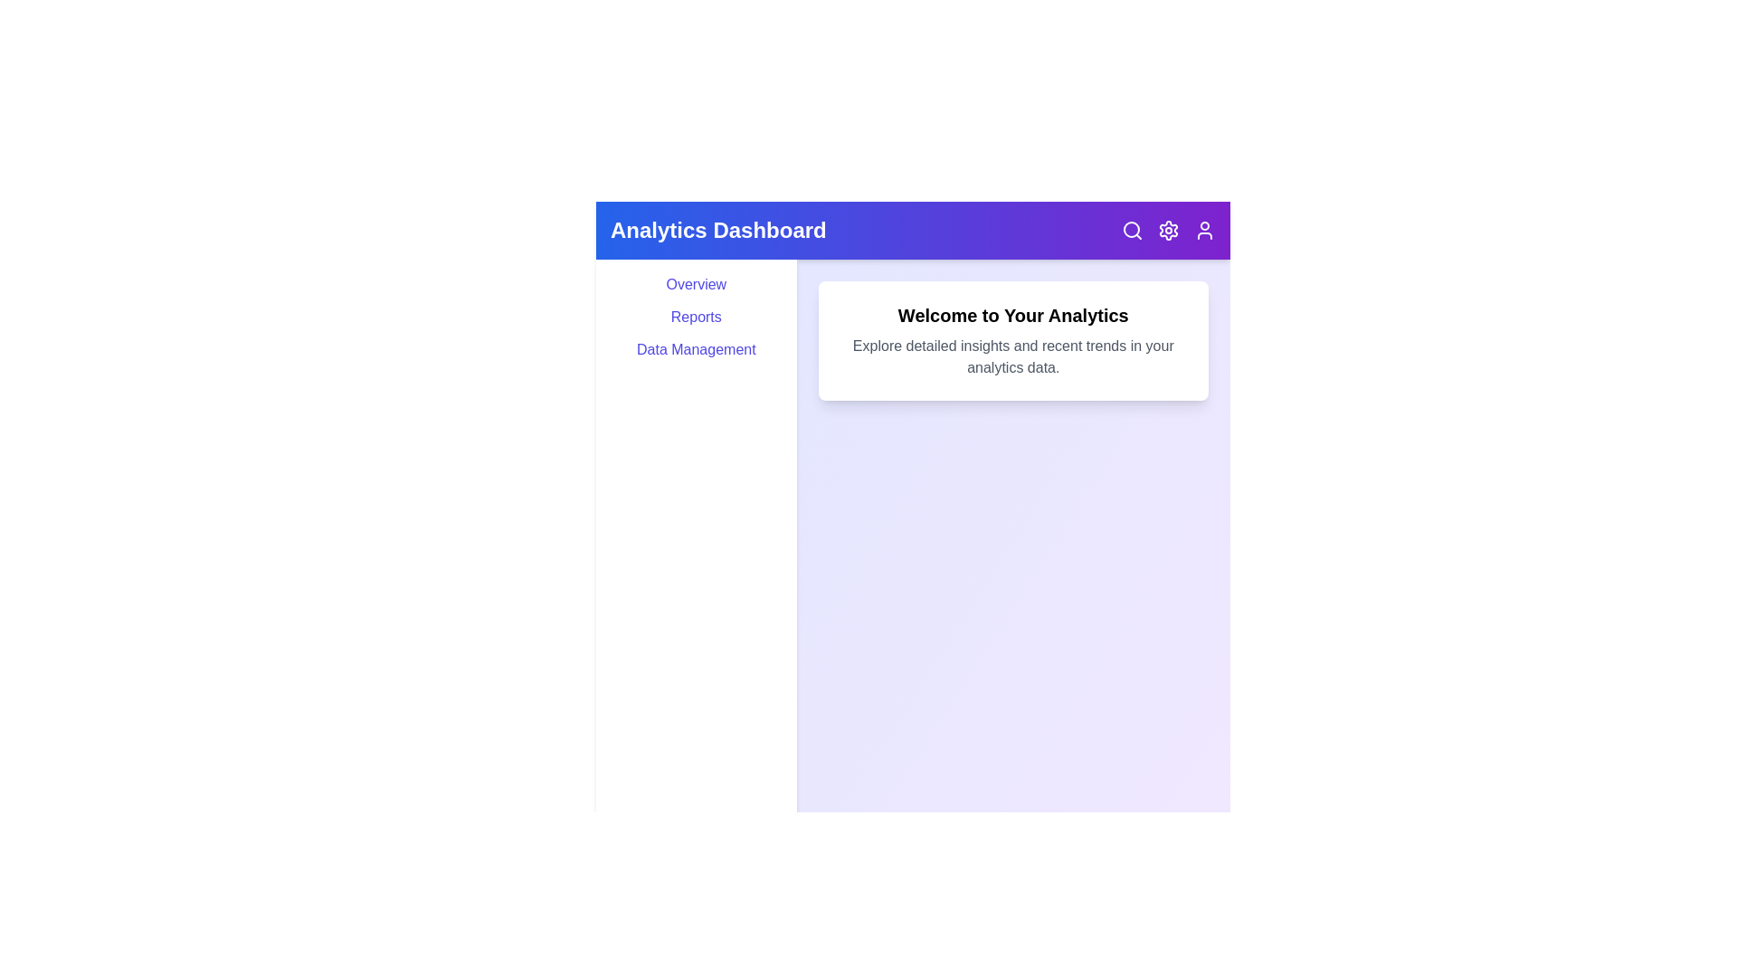 The height and width of the screenshot is (977, 1737). Describe the element at coordinates (694, 285) in the screenshot. I see `the 'Overview' menu item to navigate to the overview section` at that location.